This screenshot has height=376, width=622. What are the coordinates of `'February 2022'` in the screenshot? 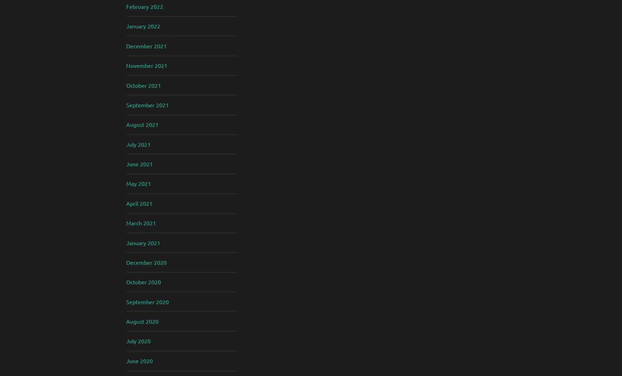 It's located at (144, 6).